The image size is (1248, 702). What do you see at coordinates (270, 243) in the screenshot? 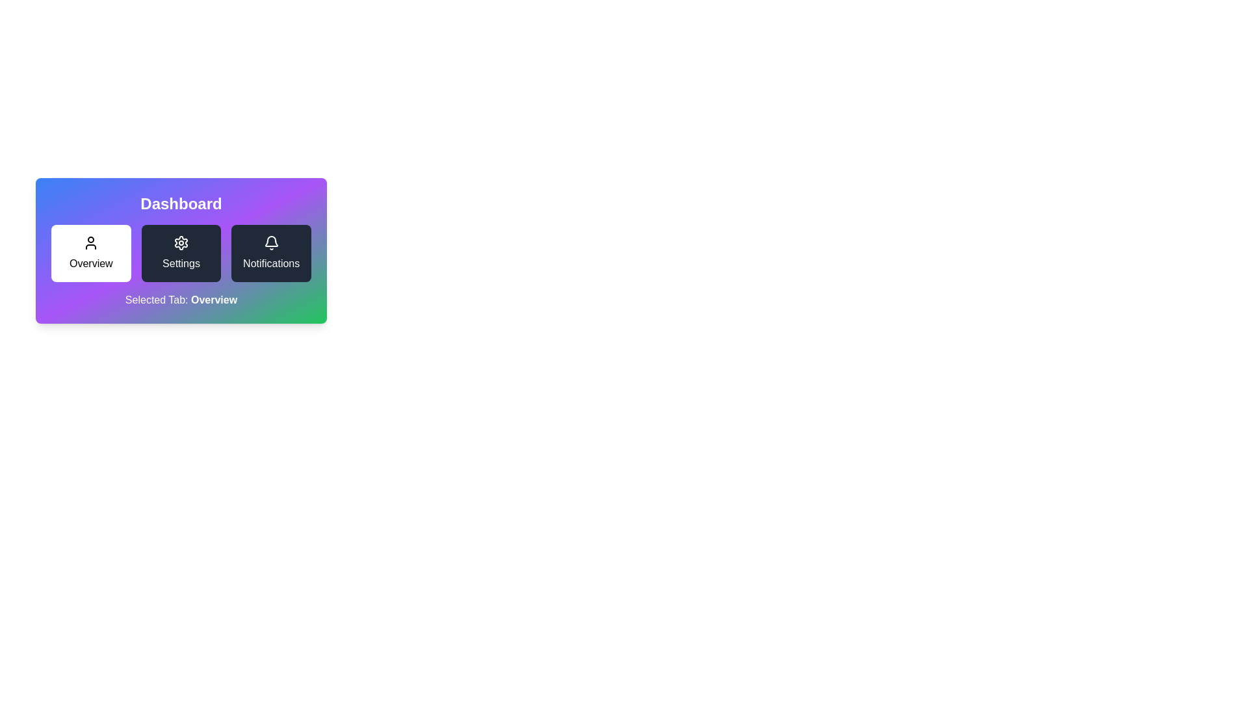
I see `the notifications icon located at the top of the 'Notifications' card` at bounding box center [270, 243].